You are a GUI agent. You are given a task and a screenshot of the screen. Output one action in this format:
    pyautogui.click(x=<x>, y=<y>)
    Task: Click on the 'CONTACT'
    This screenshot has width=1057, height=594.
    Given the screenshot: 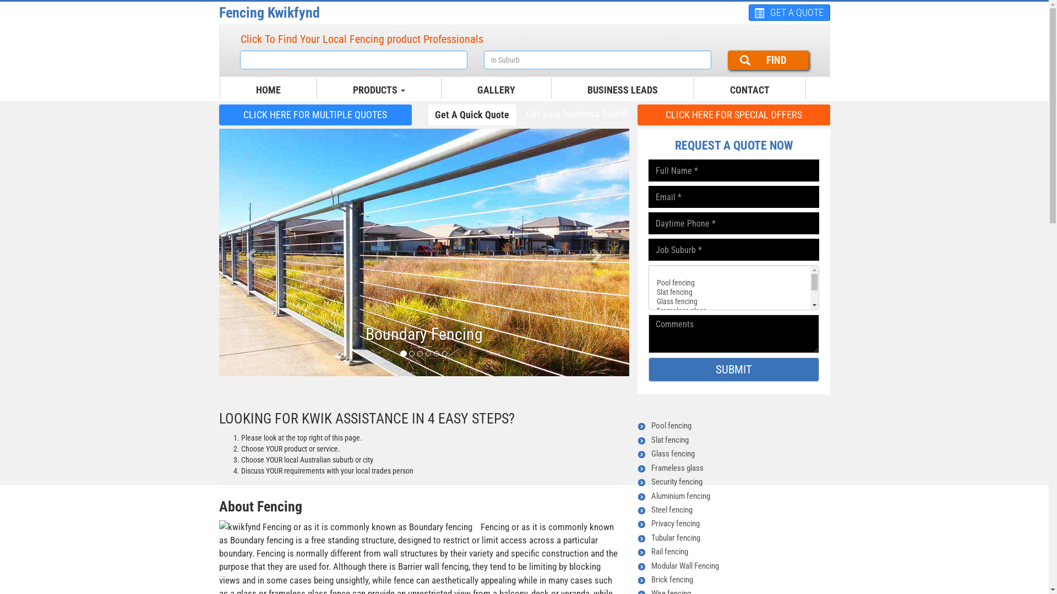 What is the action you would take?
    pyautogui.click(x=749, y=90)
    